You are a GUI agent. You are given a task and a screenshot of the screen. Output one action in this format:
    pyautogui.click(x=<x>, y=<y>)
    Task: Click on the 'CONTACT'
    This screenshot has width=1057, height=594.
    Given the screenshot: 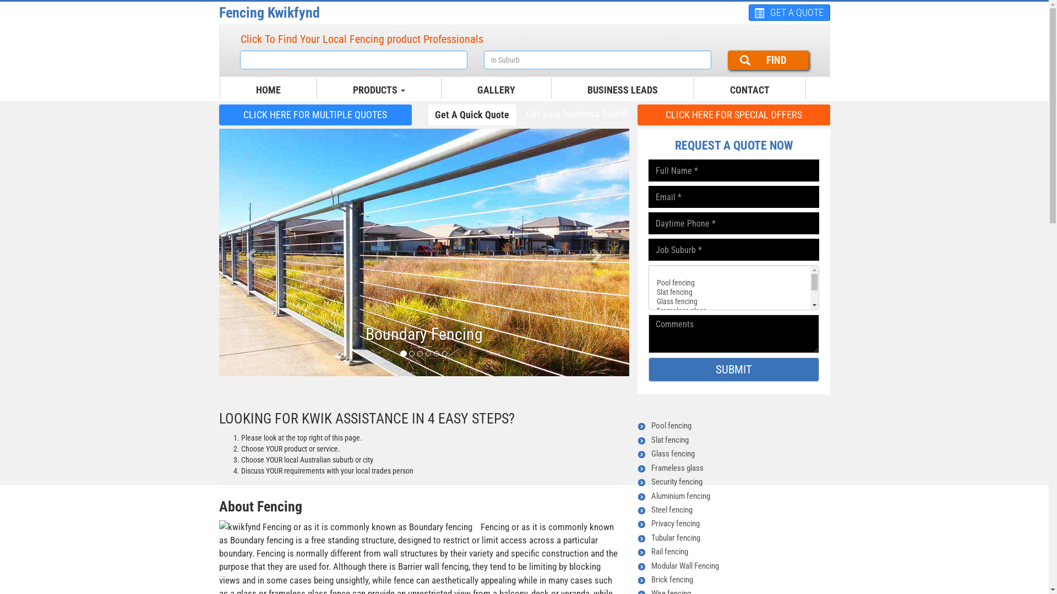 What is the action you would take?
    pyautogui.click(x=749, y=90)
    